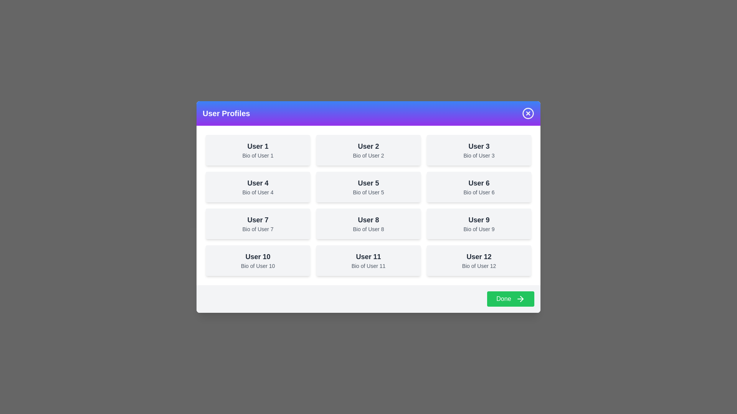 Image resolution: width=737 pixels, height=414 pixels. I want to click on the 'Done' button to close the dialog, so click(511, 298).